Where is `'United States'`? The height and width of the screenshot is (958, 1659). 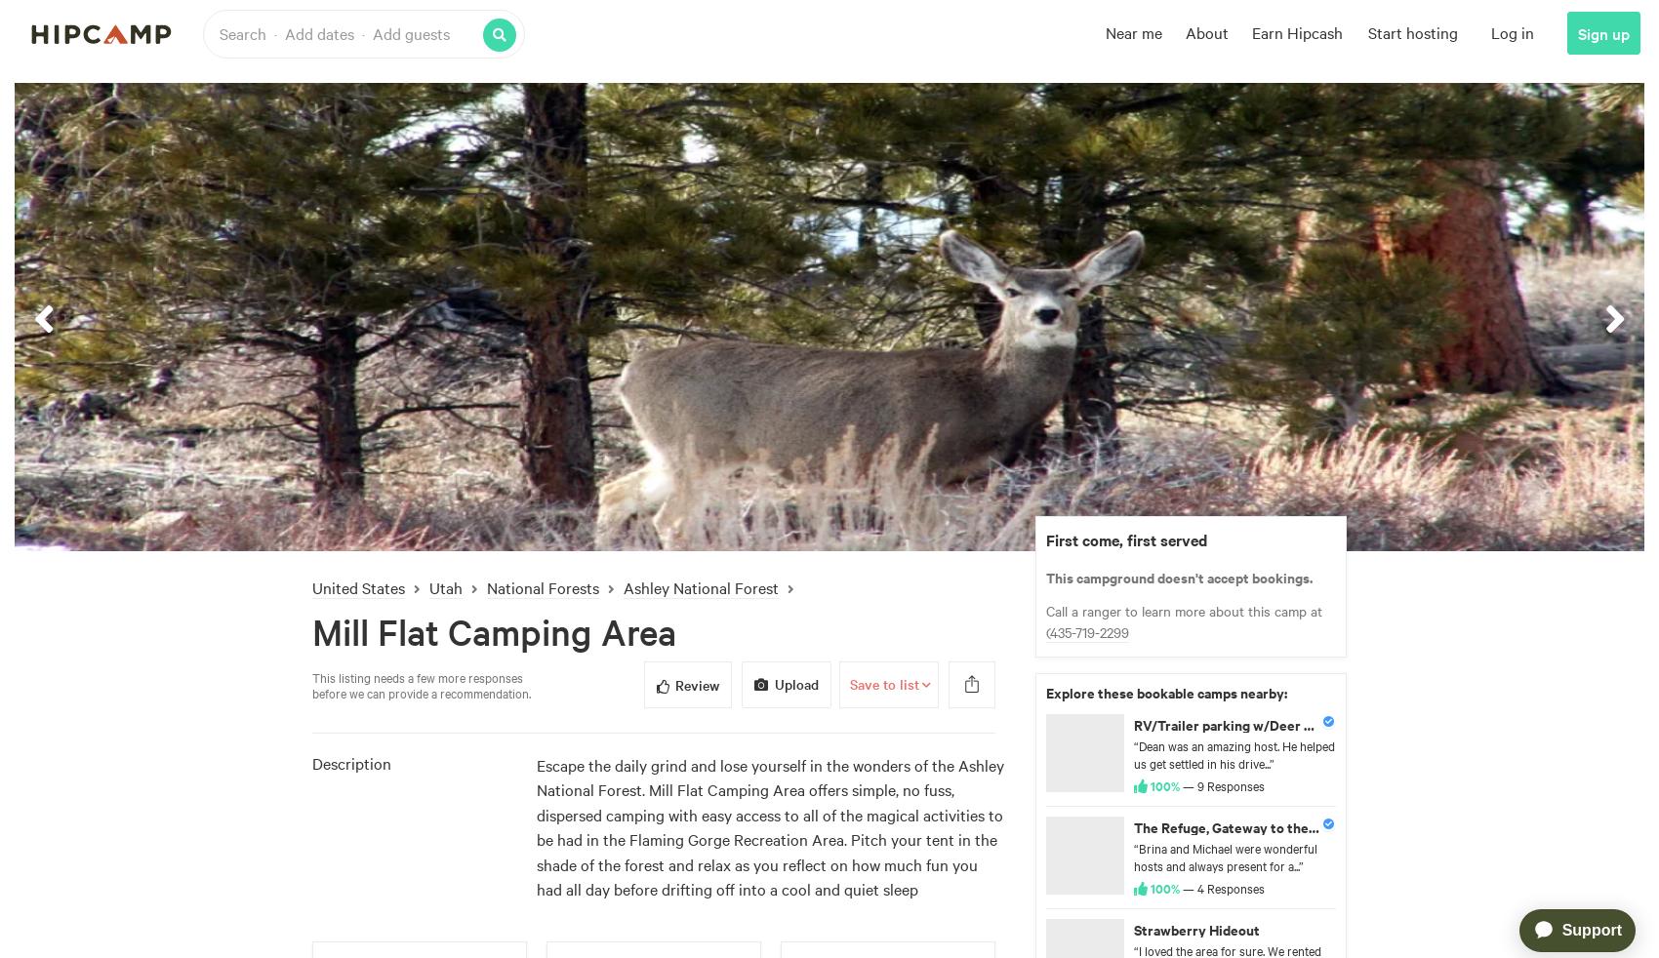
'United States' is located at coordinates (357, 585).